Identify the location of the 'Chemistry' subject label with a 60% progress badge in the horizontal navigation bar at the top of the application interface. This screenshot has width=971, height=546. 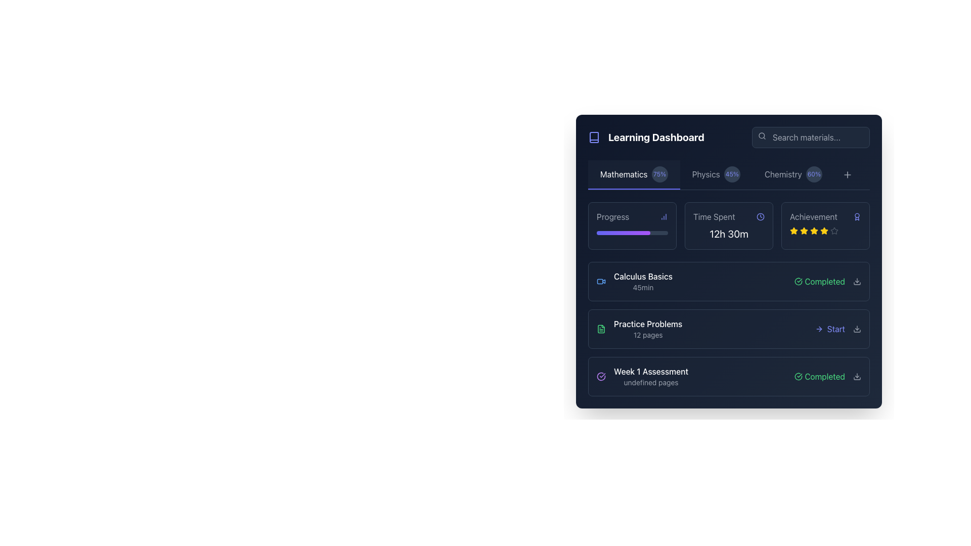
(792, 173).